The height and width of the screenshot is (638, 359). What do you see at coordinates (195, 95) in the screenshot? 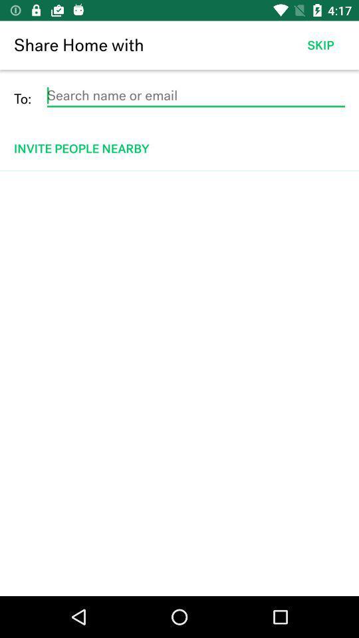
I see `share home with name or email` at bounding box center [195, 95].